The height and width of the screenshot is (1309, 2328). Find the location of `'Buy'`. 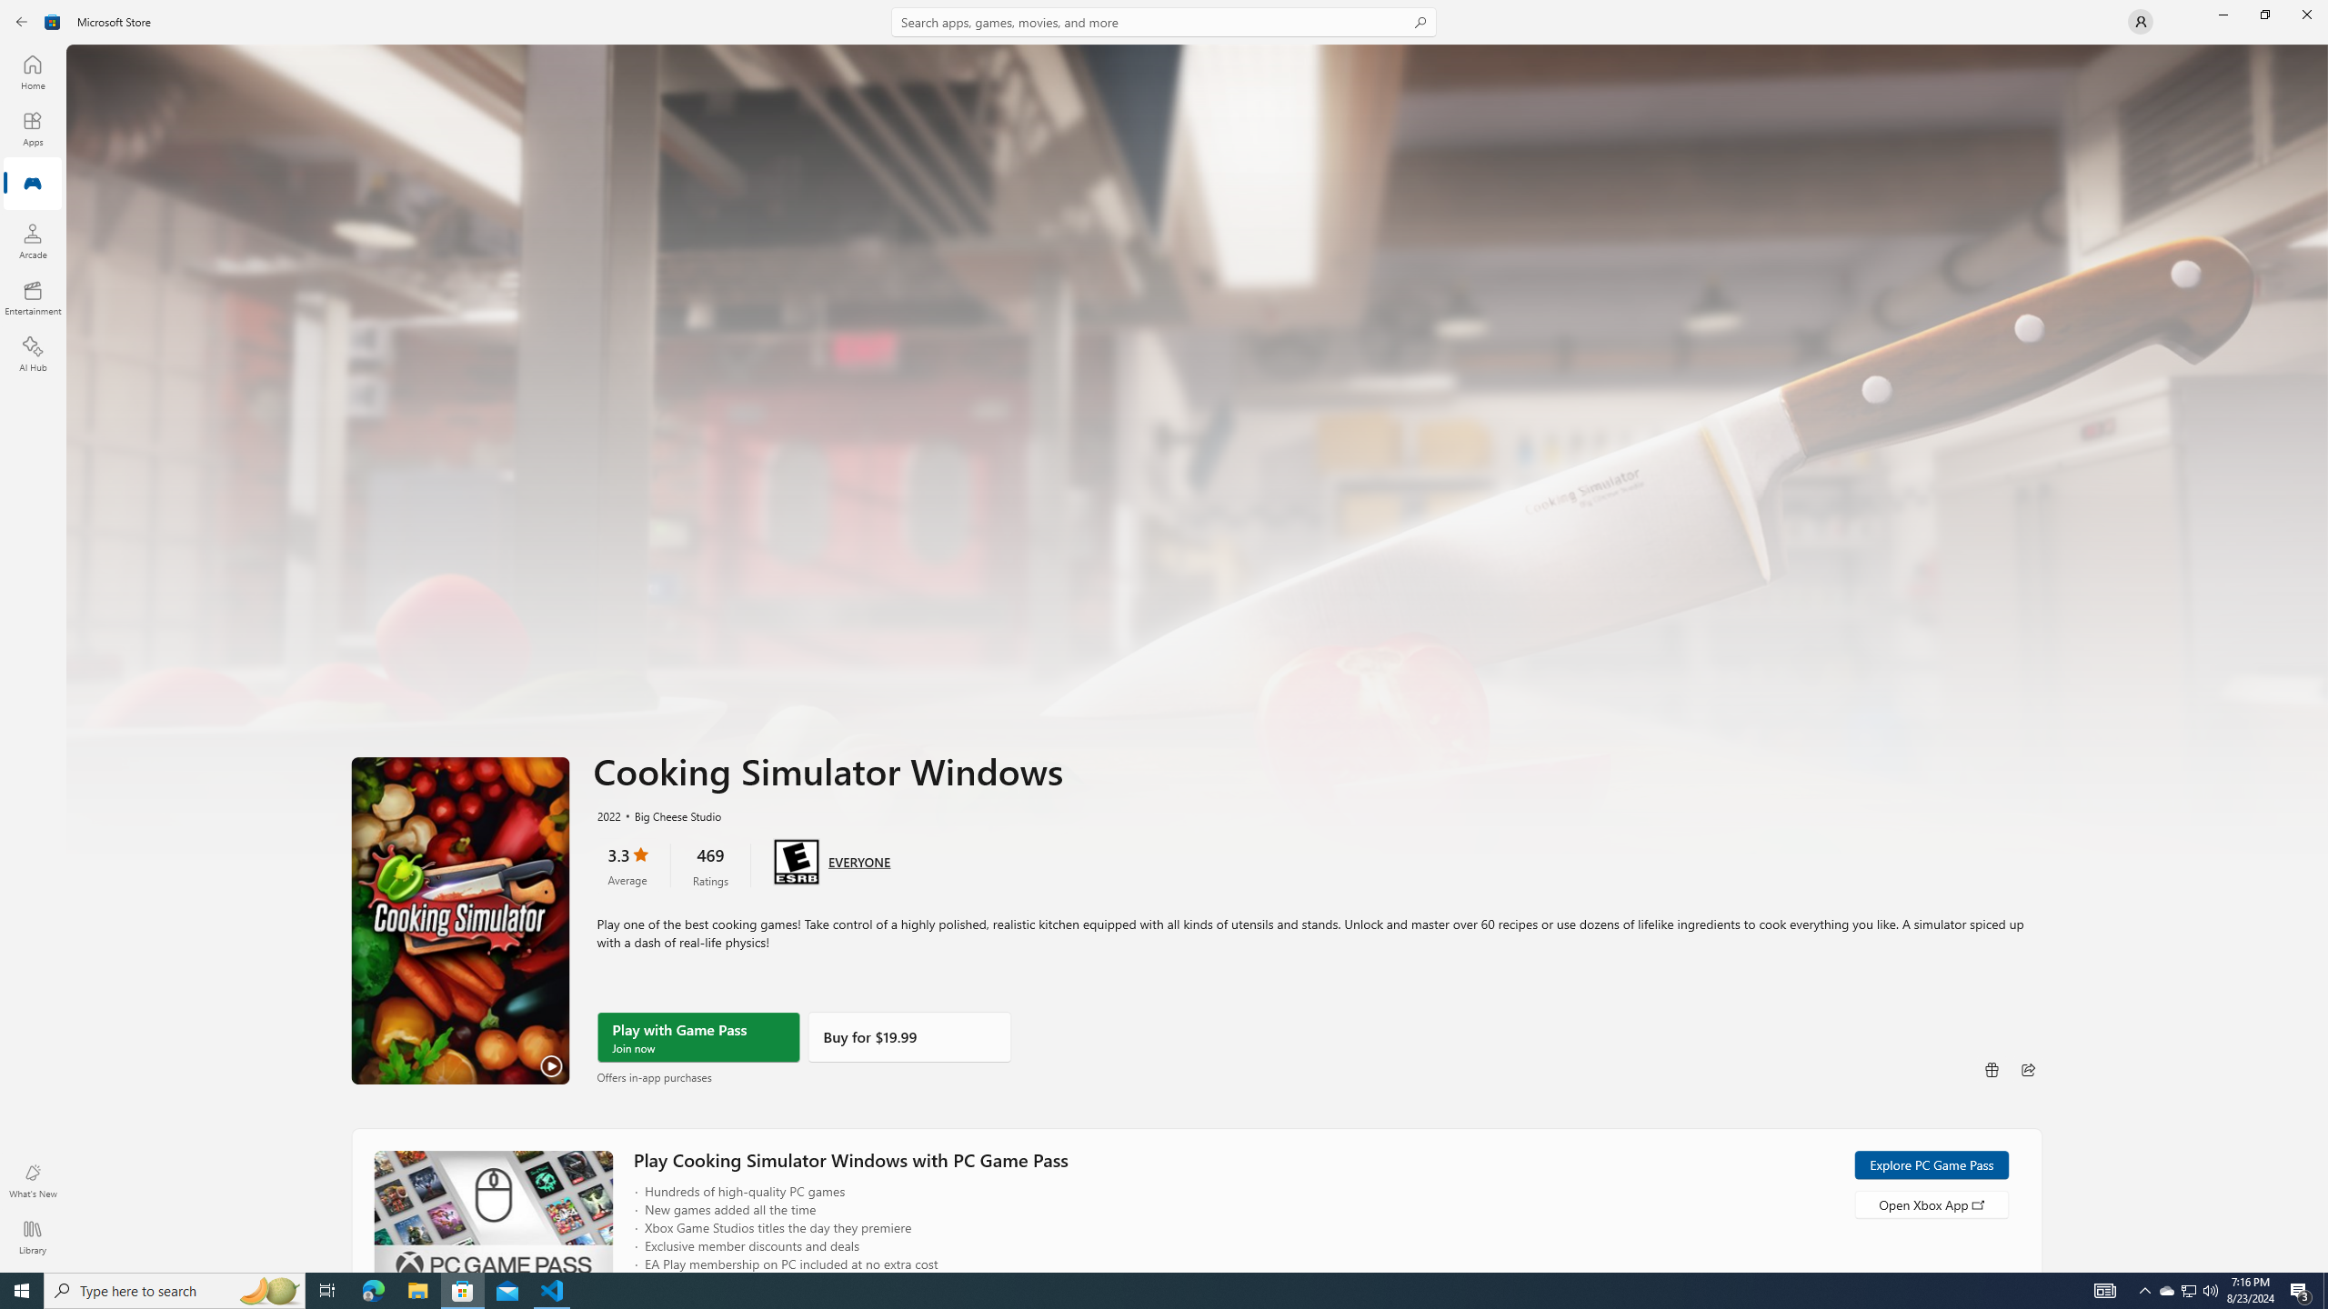

'Buy' is located at coordinates (908, 1037).